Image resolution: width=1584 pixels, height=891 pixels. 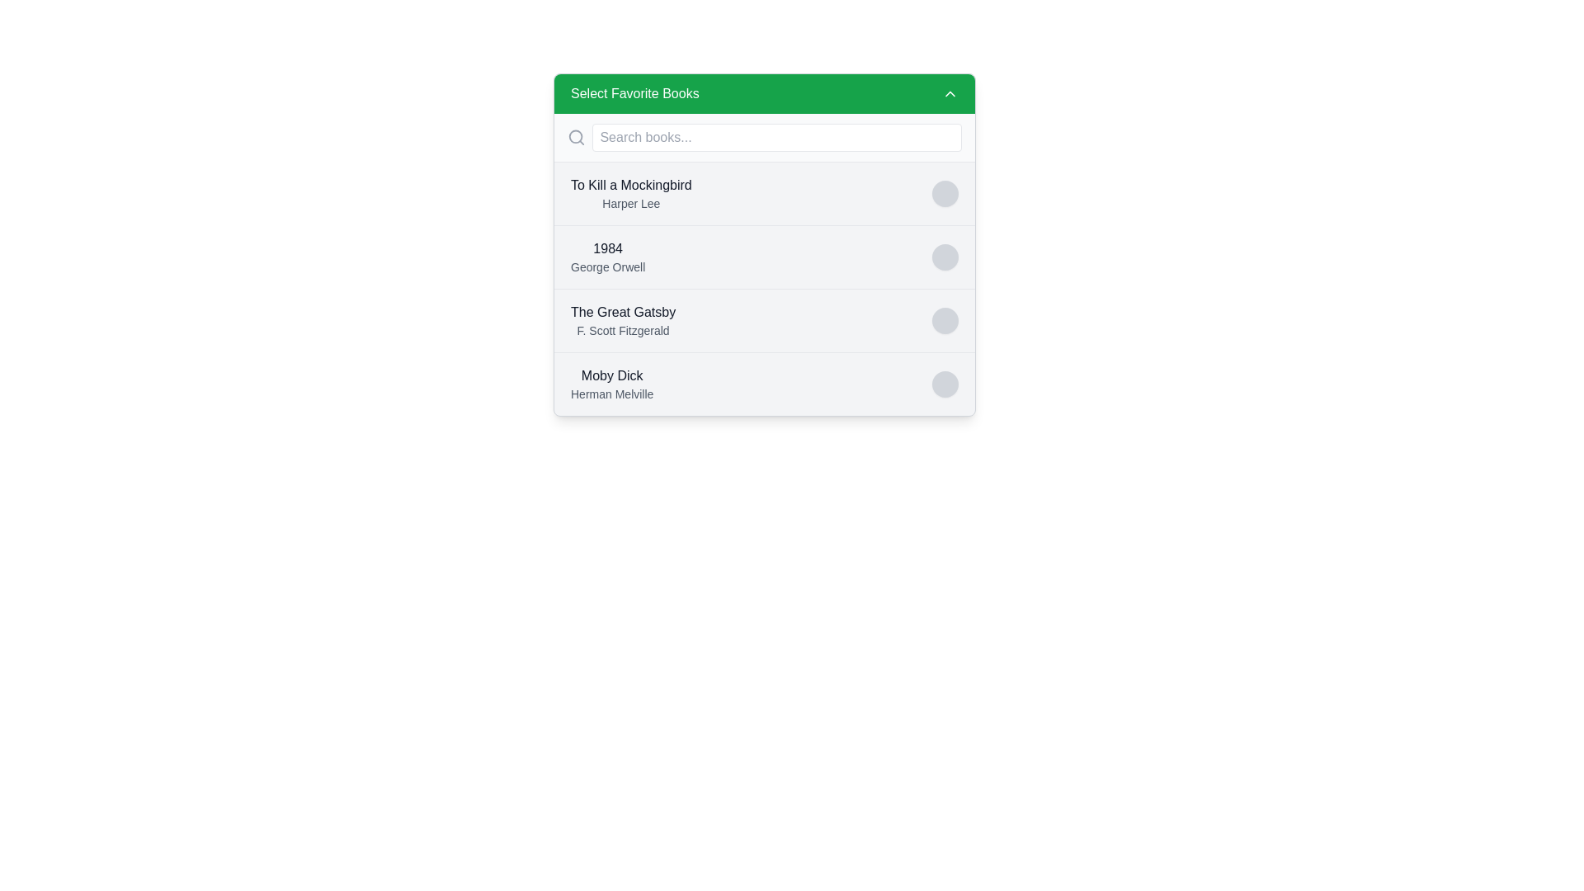 I want to click on the interactive button located to the right of the book labeled '1984' by George Orwell, so click(x=945, y=257).